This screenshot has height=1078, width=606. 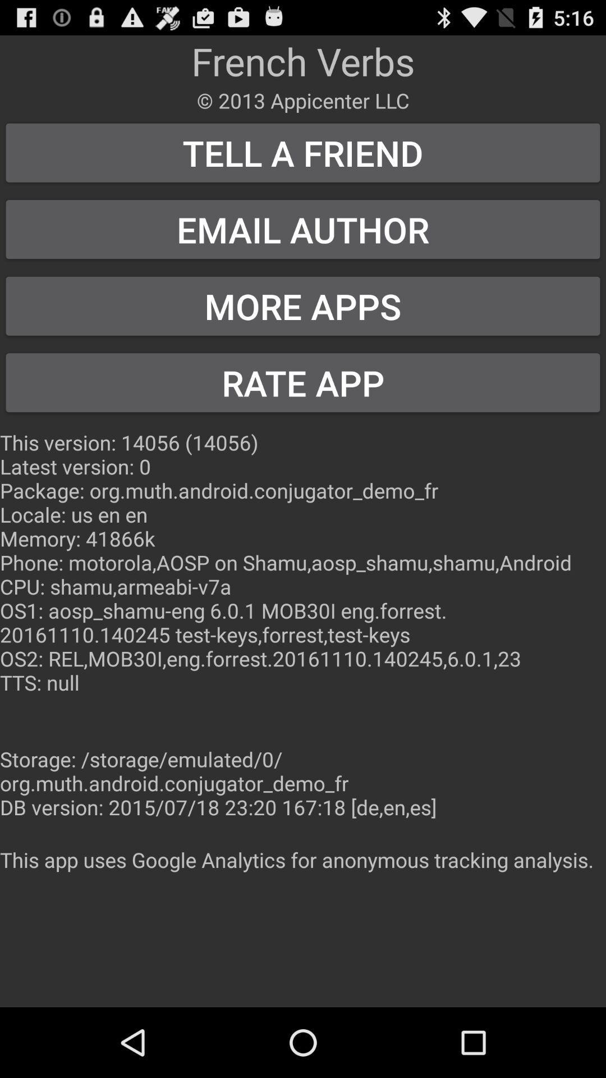 What do you see at coordinates (303, 306) in the screenshot?
I see `the more apps` at bounding box center [303, 306].